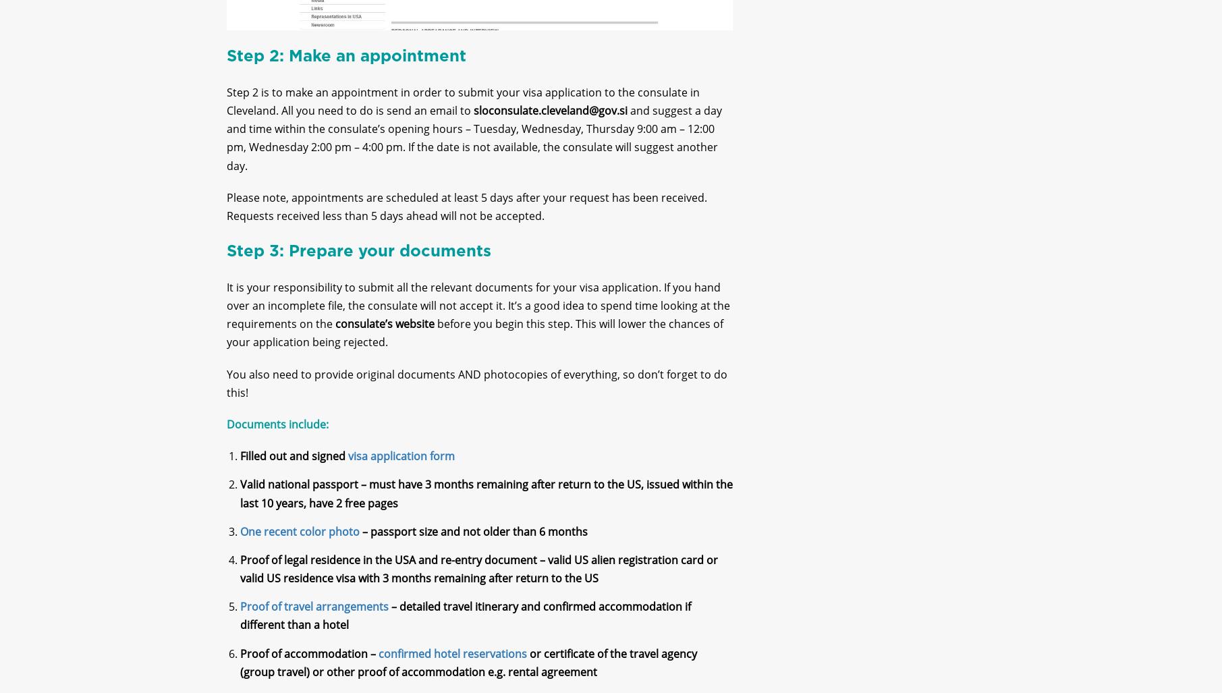  What do you see at coordinates (468, 673) in the screenshot?
I see `'or certificate of the travel agency (group travel) or other proof of accommodation e.g. rental agreement'` at bounding box center [468, 673].